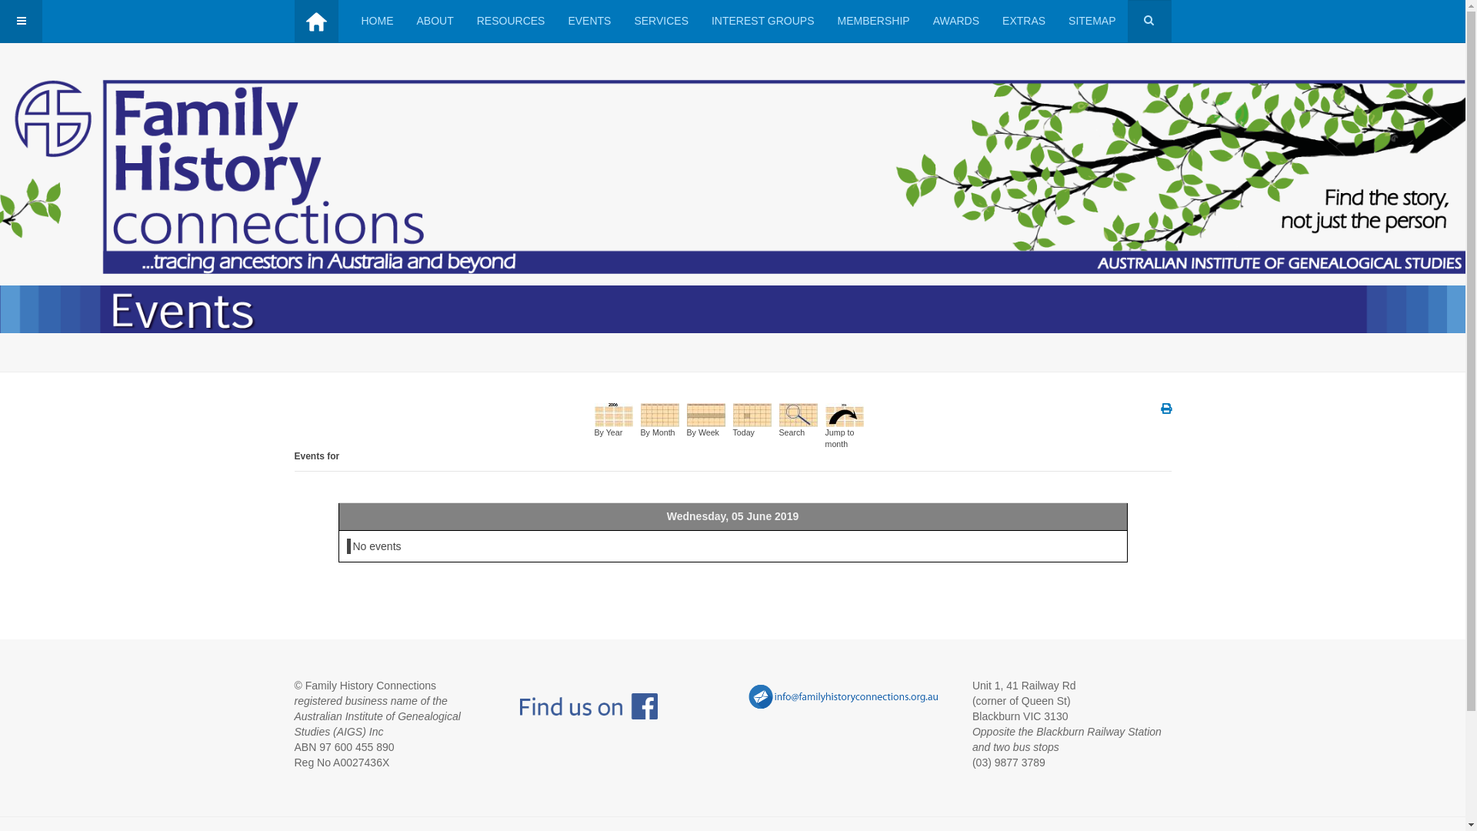 Image resolution: width=1477 pixels, height=831 pixels. What do you see at coordinates (1023, 21) in the screenshot?
I see `'EXTRAS'` at bounding box center [1023, 21].